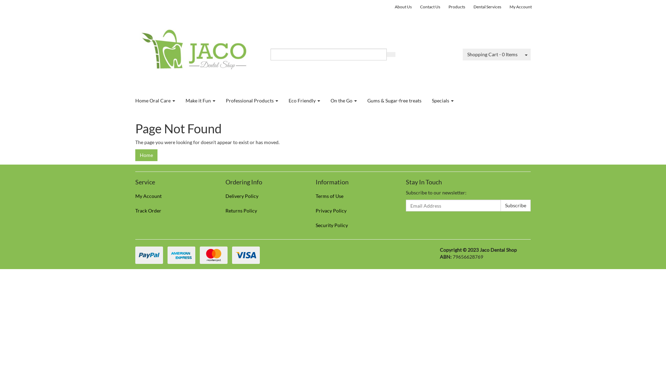 The width and height of the screenshot is (666, 375). I want to click on 'Home Oral Care', so click(130, 100).